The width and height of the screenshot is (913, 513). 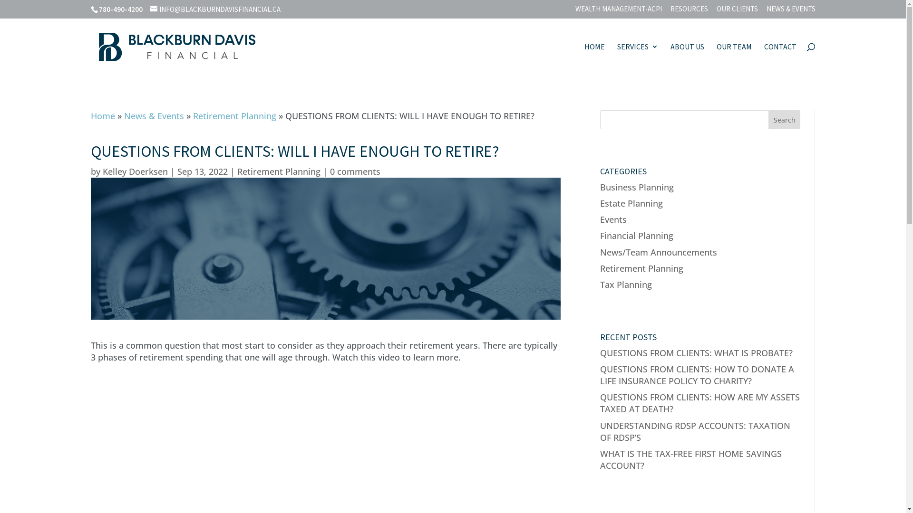 I want to click on 'CONTACT', so click(x=780, y=58).